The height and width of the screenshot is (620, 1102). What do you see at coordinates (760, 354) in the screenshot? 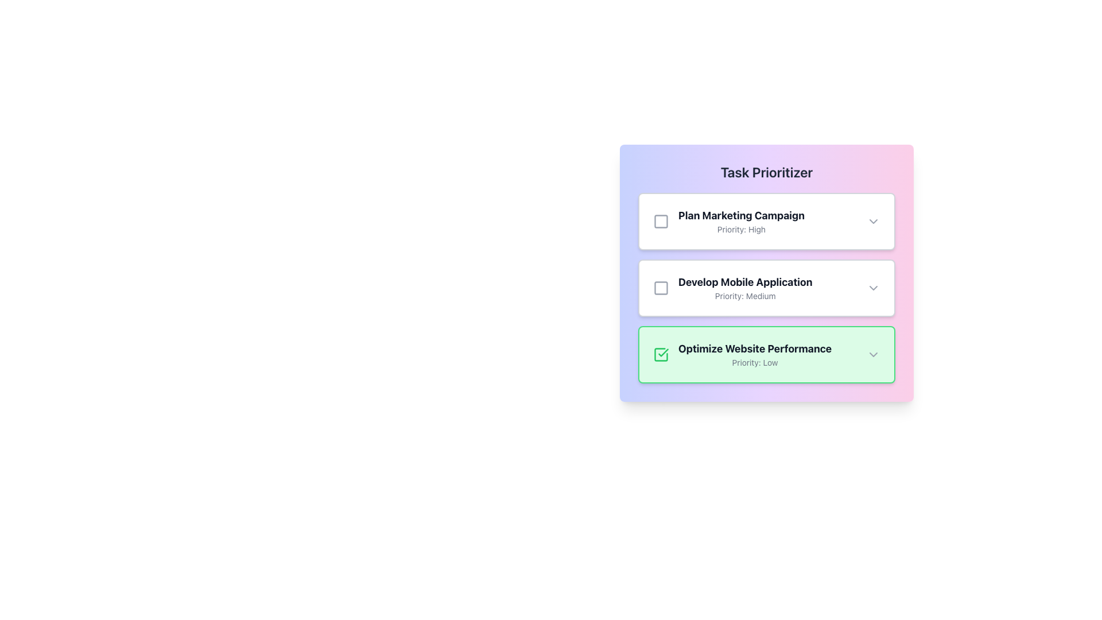
I see `the 'Optimize Website Performance' task display item for editing options, which is enclosed within a light green box with rounded corners and displays the text in bold` at bounding box center [760, 354].